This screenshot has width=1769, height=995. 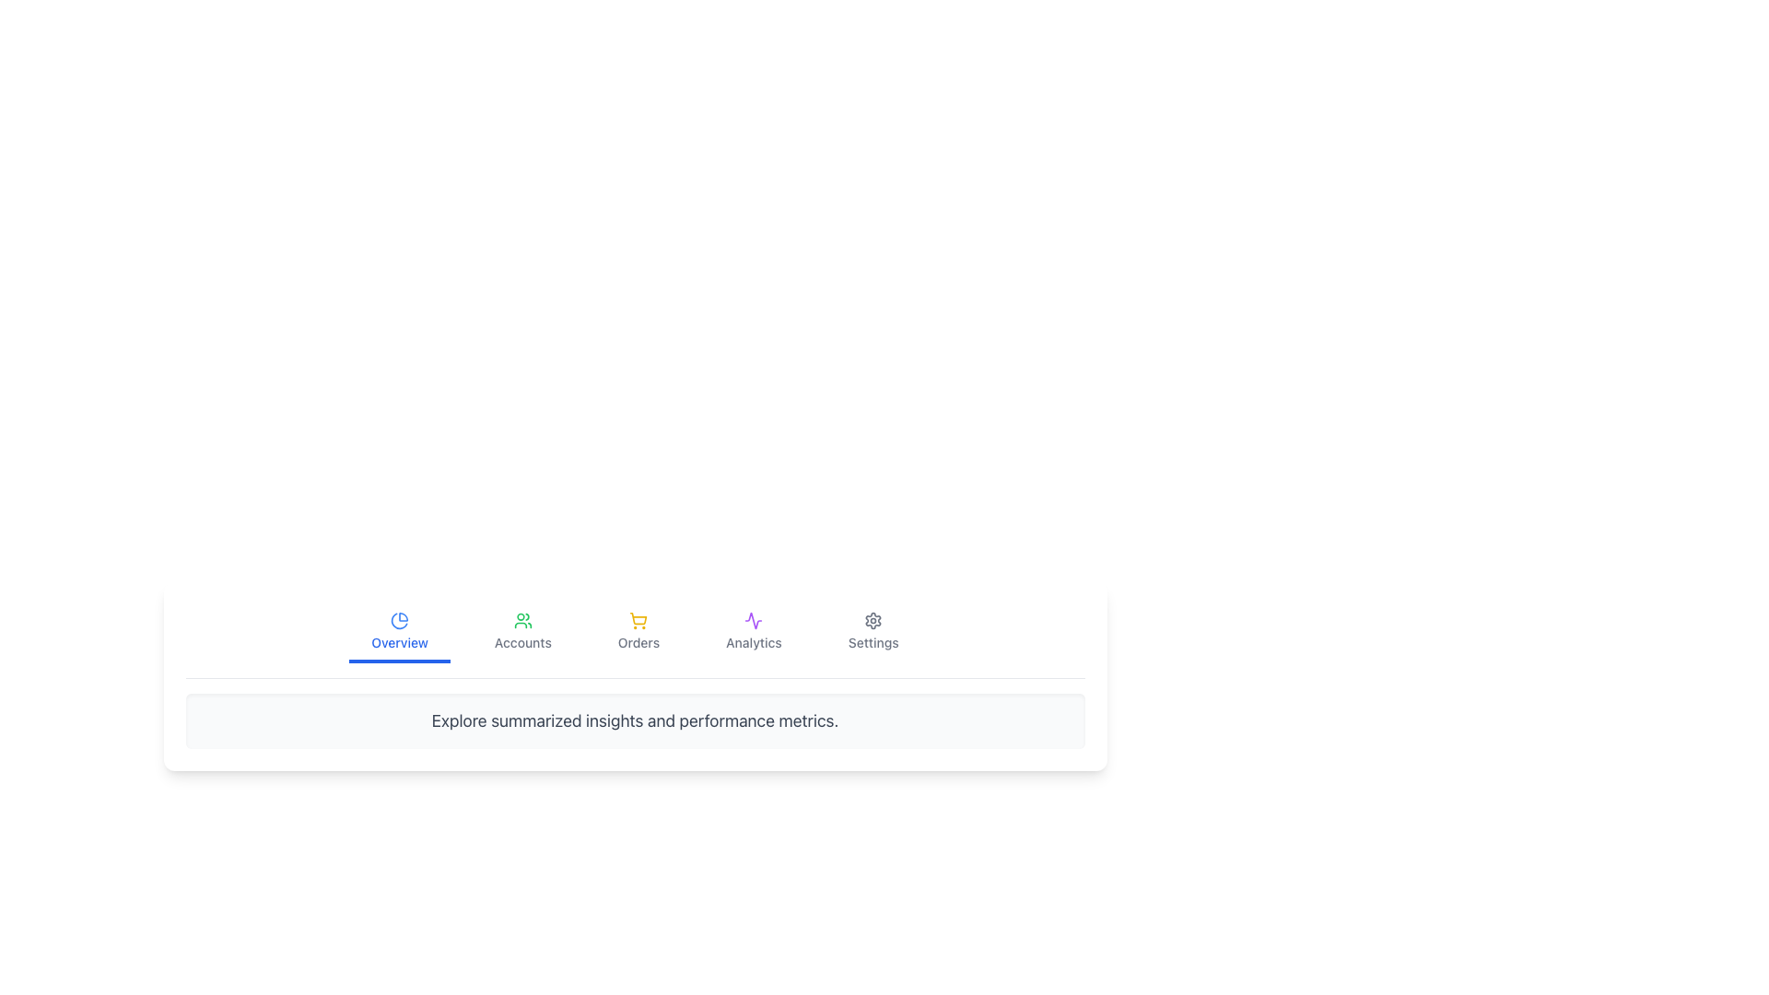 I want to click on the 'Settings' menu item, which features a gray gear icon and is located at the far right of the menu bar, so click(x=873, y=632).